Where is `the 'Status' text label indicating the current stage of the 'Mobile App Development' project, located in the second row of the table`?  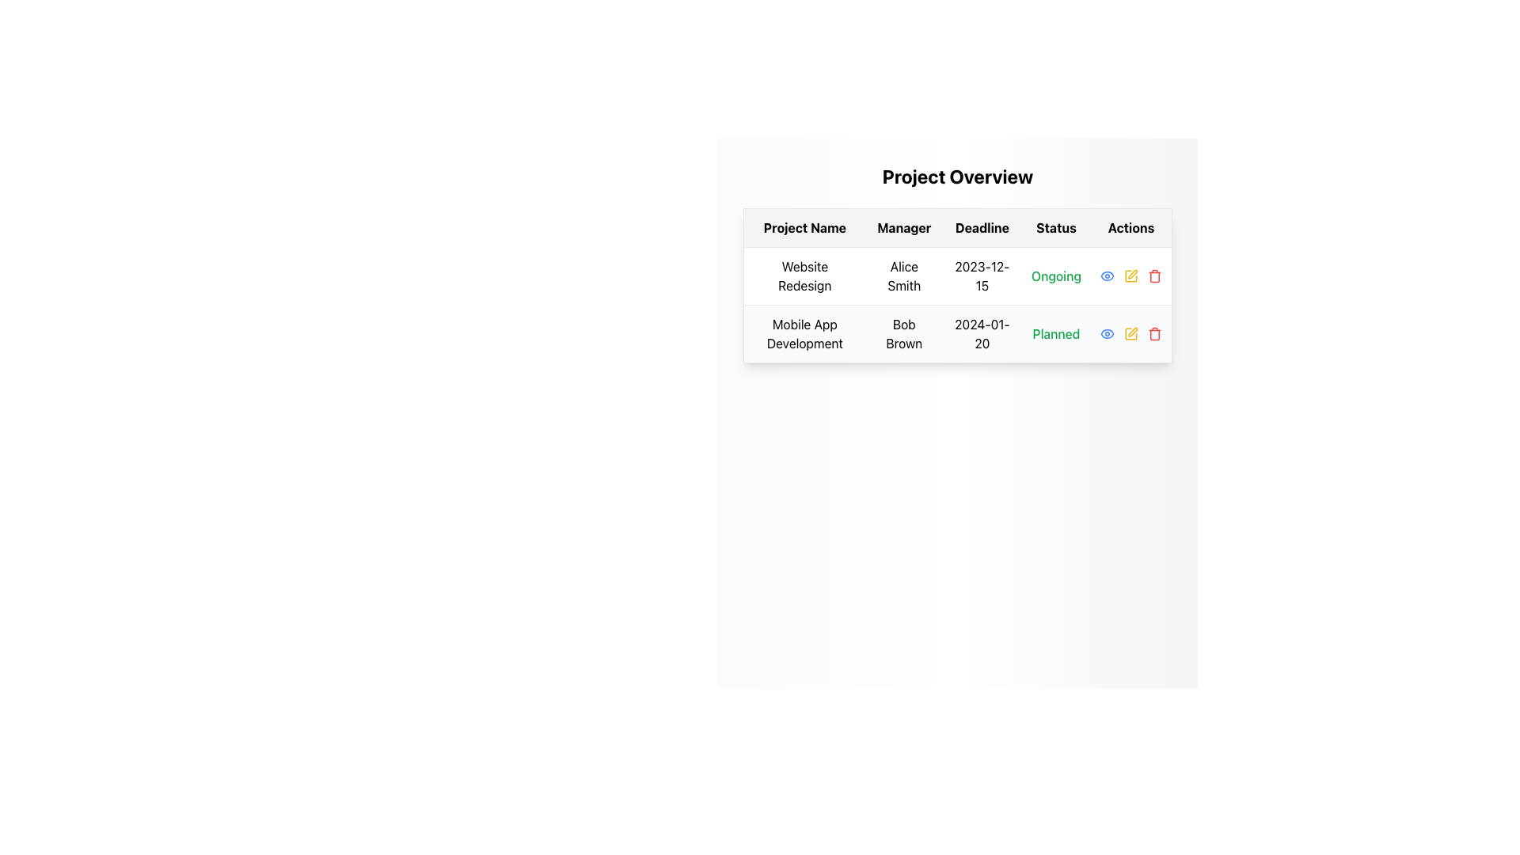 the 'Status' text label indicating the current stage of the 'Mobile App Development' project, located in the second row of the table is located at coordinates (1056, 332).